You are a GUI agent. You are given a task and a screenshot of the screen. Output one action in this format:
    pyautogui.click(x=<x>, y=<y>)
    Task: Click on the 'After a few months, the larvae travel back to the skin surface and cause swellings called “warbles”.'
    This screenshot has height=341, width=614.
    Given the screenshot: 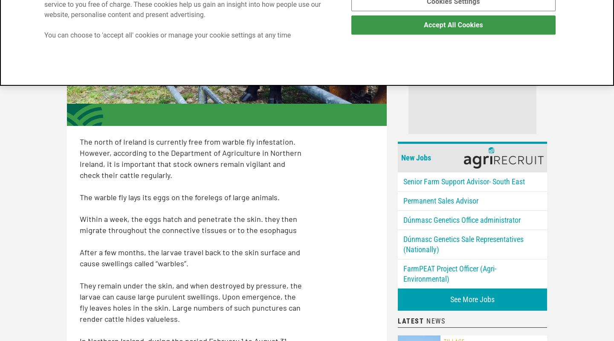 What is the action you would take?
    pyautogui.click(x=190, y=257)
    